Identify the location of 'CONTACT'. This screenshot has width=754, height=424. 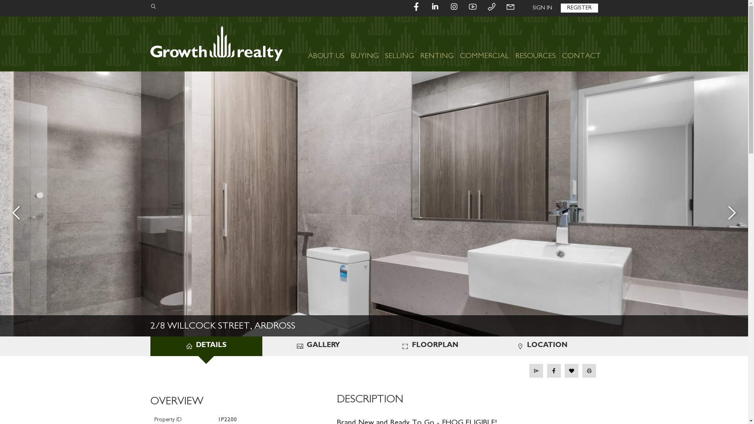
(558, 44).